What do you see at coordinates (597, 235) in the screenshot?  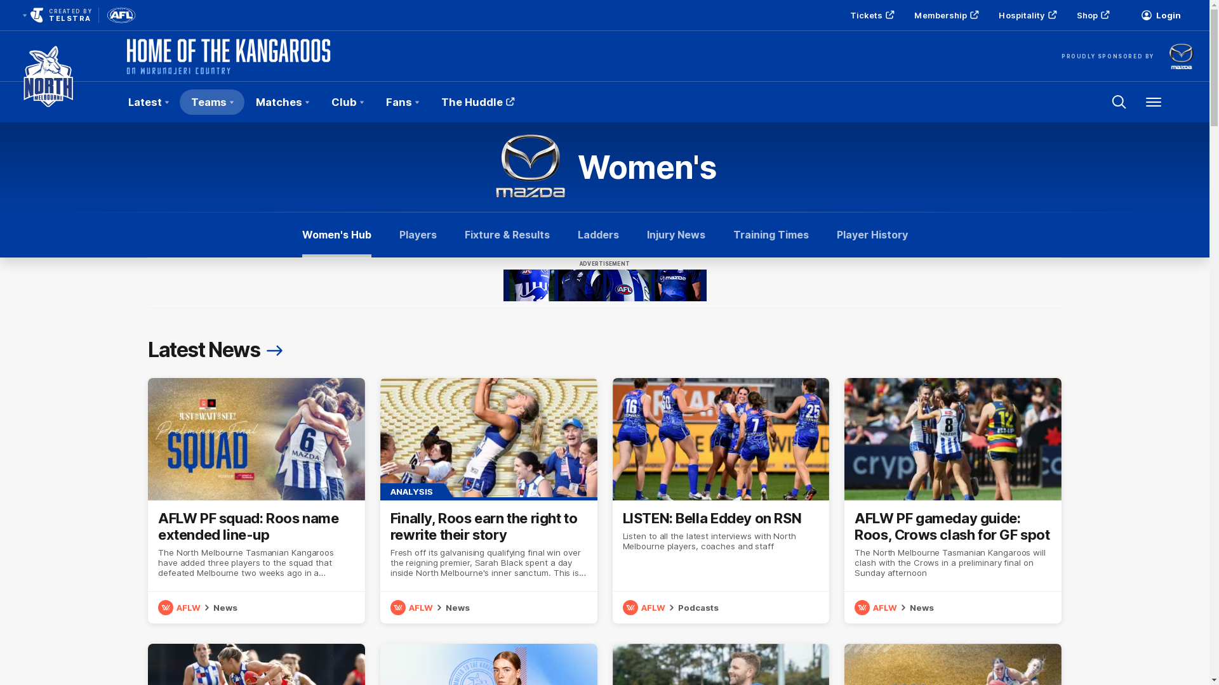 I see `'Ladders'` at bounding box center [597, 235].